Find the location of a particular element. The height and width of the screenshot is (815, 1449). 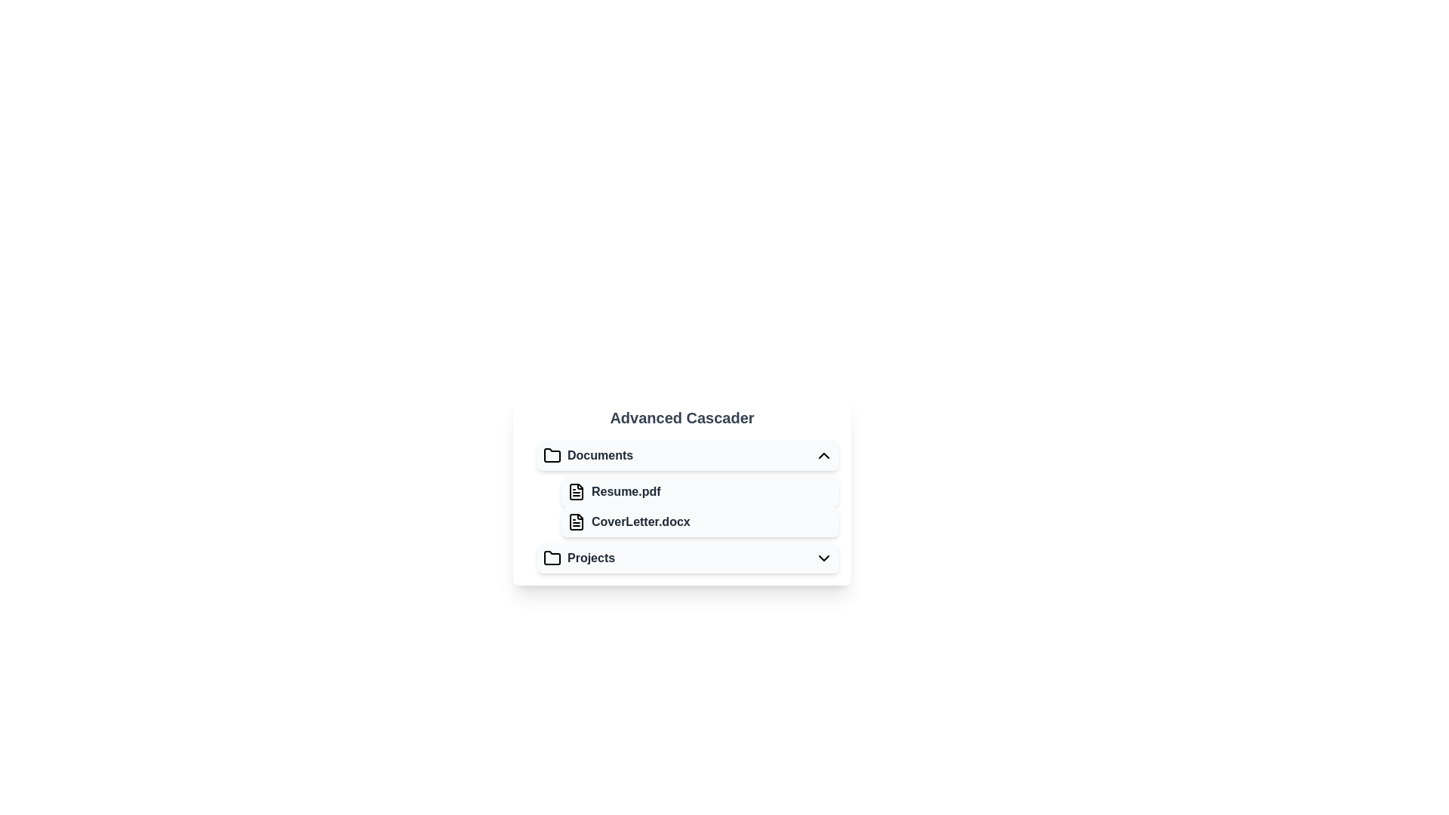

the expandable 'Projects' button located at the bottom of the vertical list is located at coordinates (688, 558).